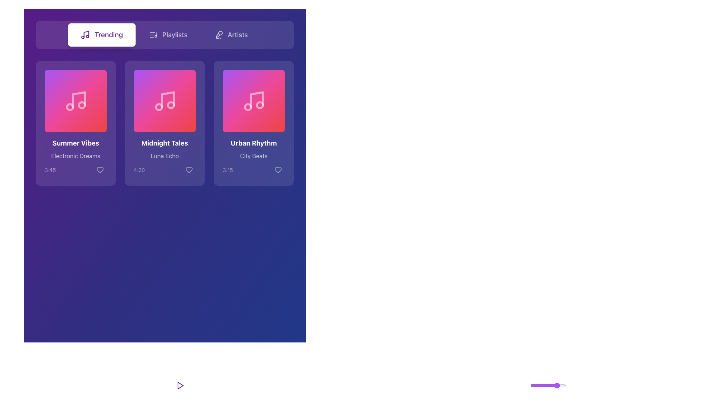 The image size is (715, 402). I want to click on the text label displaying 'Luna Echo', which is styled in dimmed white and located below the headline 'Midnight Tales' in the card labeled 'Midnight Tales', so click(164, 157).